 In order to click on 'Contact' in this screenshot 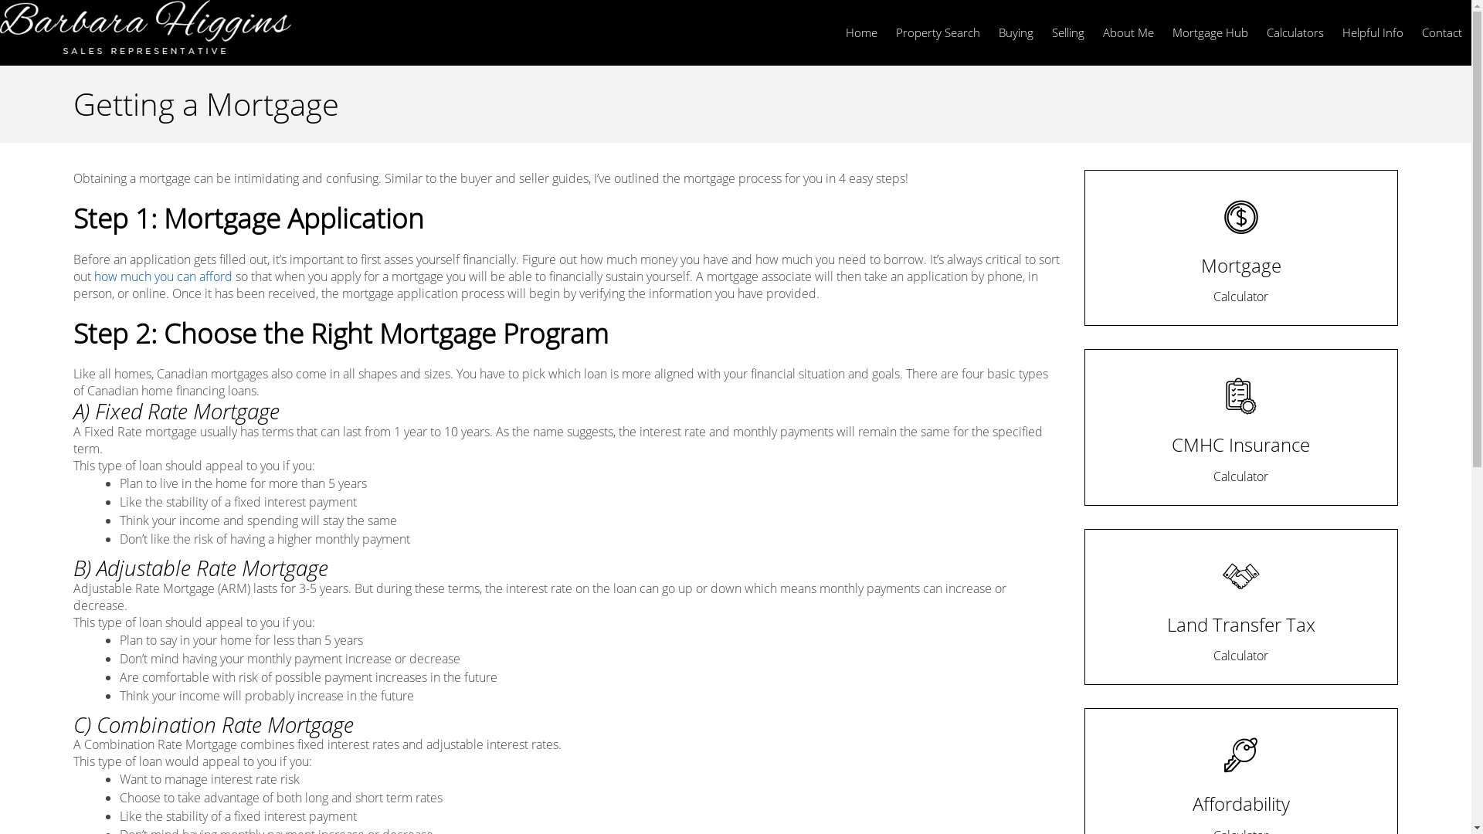, I will do `click(1441, 32)`.